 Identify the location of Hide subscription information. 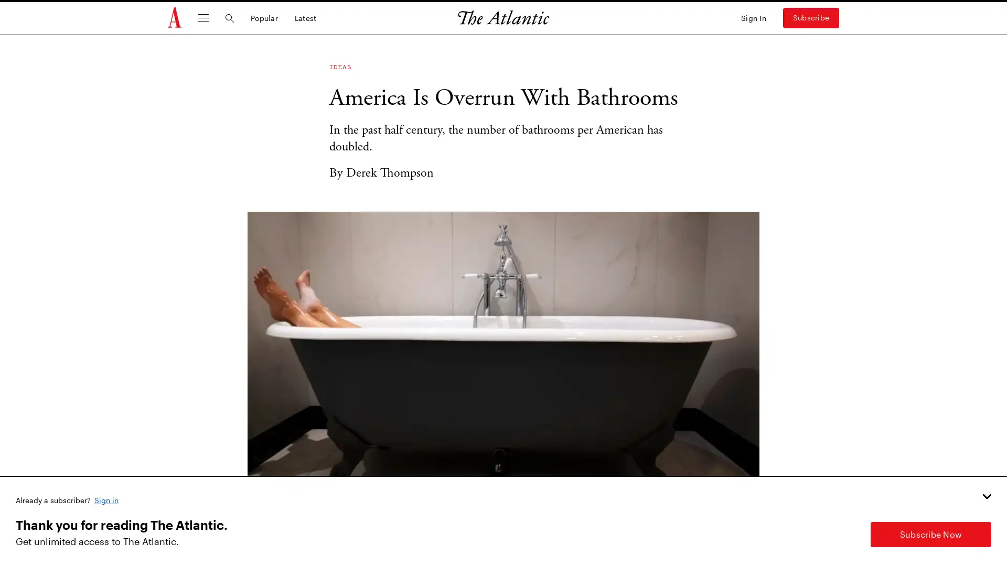
(986, 496).